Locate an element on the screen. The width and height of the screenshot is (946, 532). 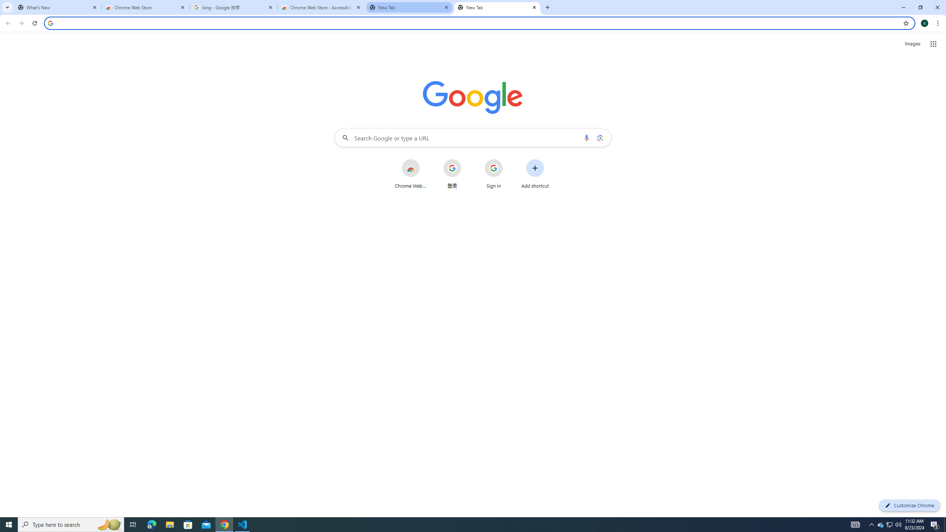
'What' is located at coordinates (57, 7).